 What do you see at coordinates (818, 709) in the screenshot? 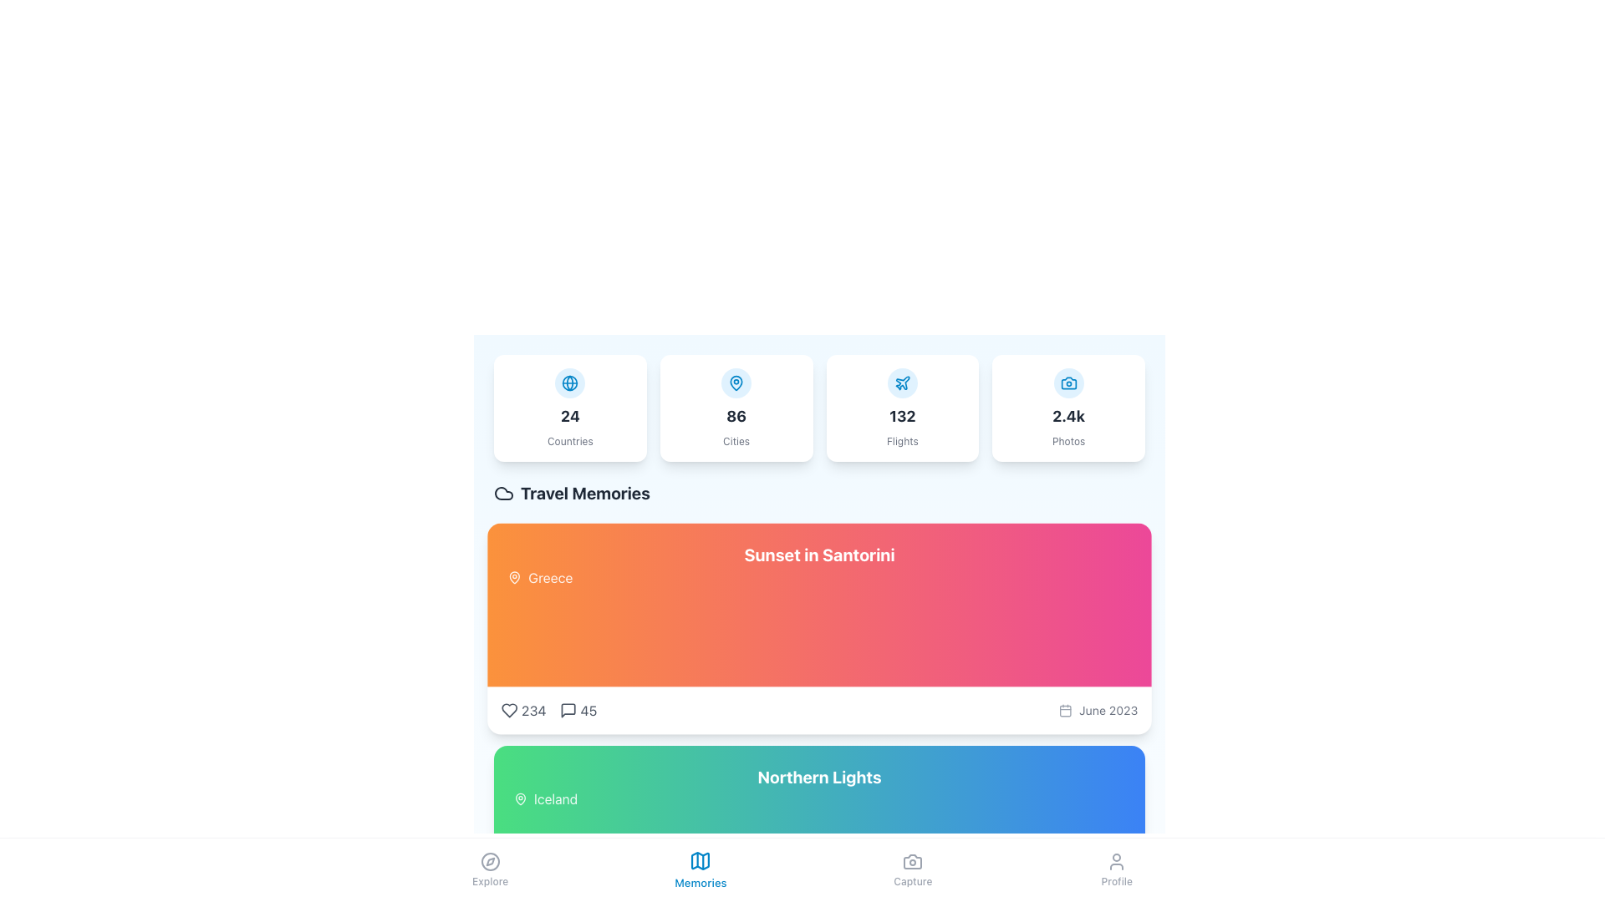
I see `the individual icons for likes or comments located in the Informational display group beneath the title 'Sunset in Santorini' and the location 'Greece'` at bounding box center [818, 709].